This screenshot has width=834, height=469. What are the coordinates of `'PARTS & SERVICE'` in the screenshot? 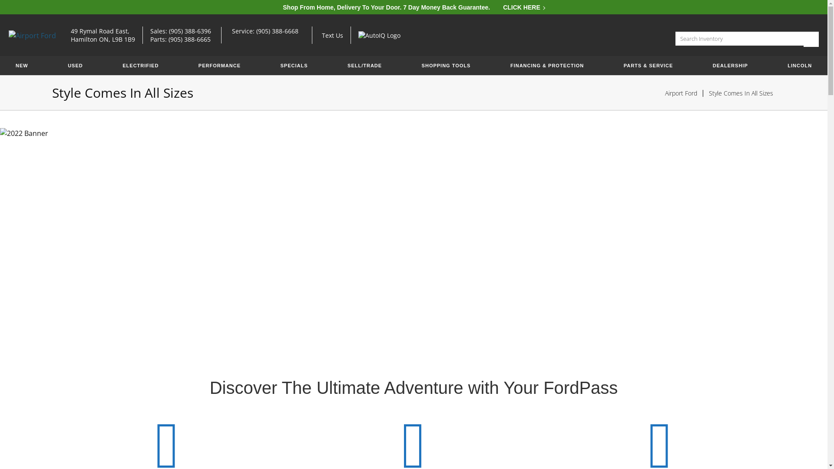 It's located at (648, 65).